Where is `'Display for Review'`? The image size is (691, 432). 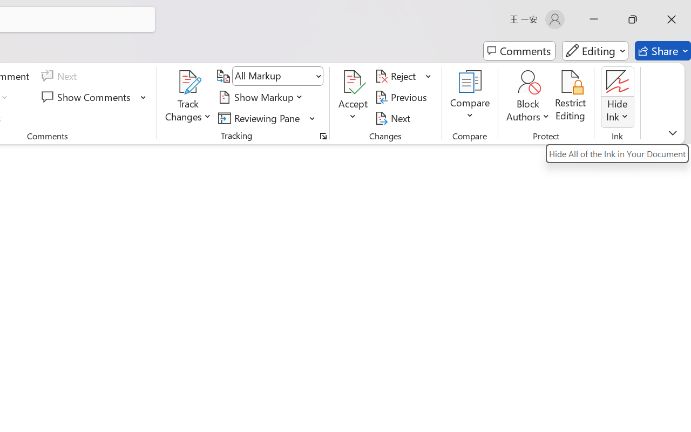
'Display for Review' is located at coordinates (277, 76).